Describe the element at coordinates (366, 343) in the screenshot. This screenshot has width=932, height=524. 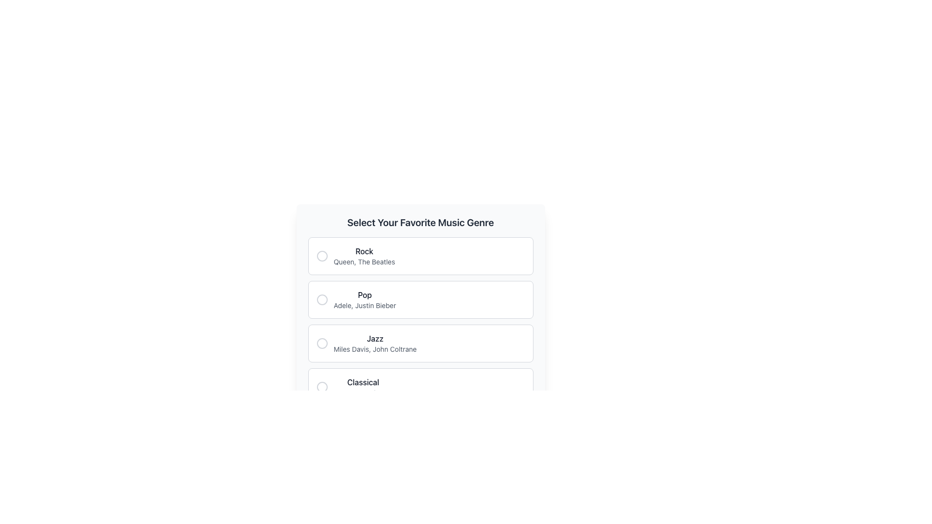
I see `on the 'Jazz' selectable list item which includes a radio button` at that location.